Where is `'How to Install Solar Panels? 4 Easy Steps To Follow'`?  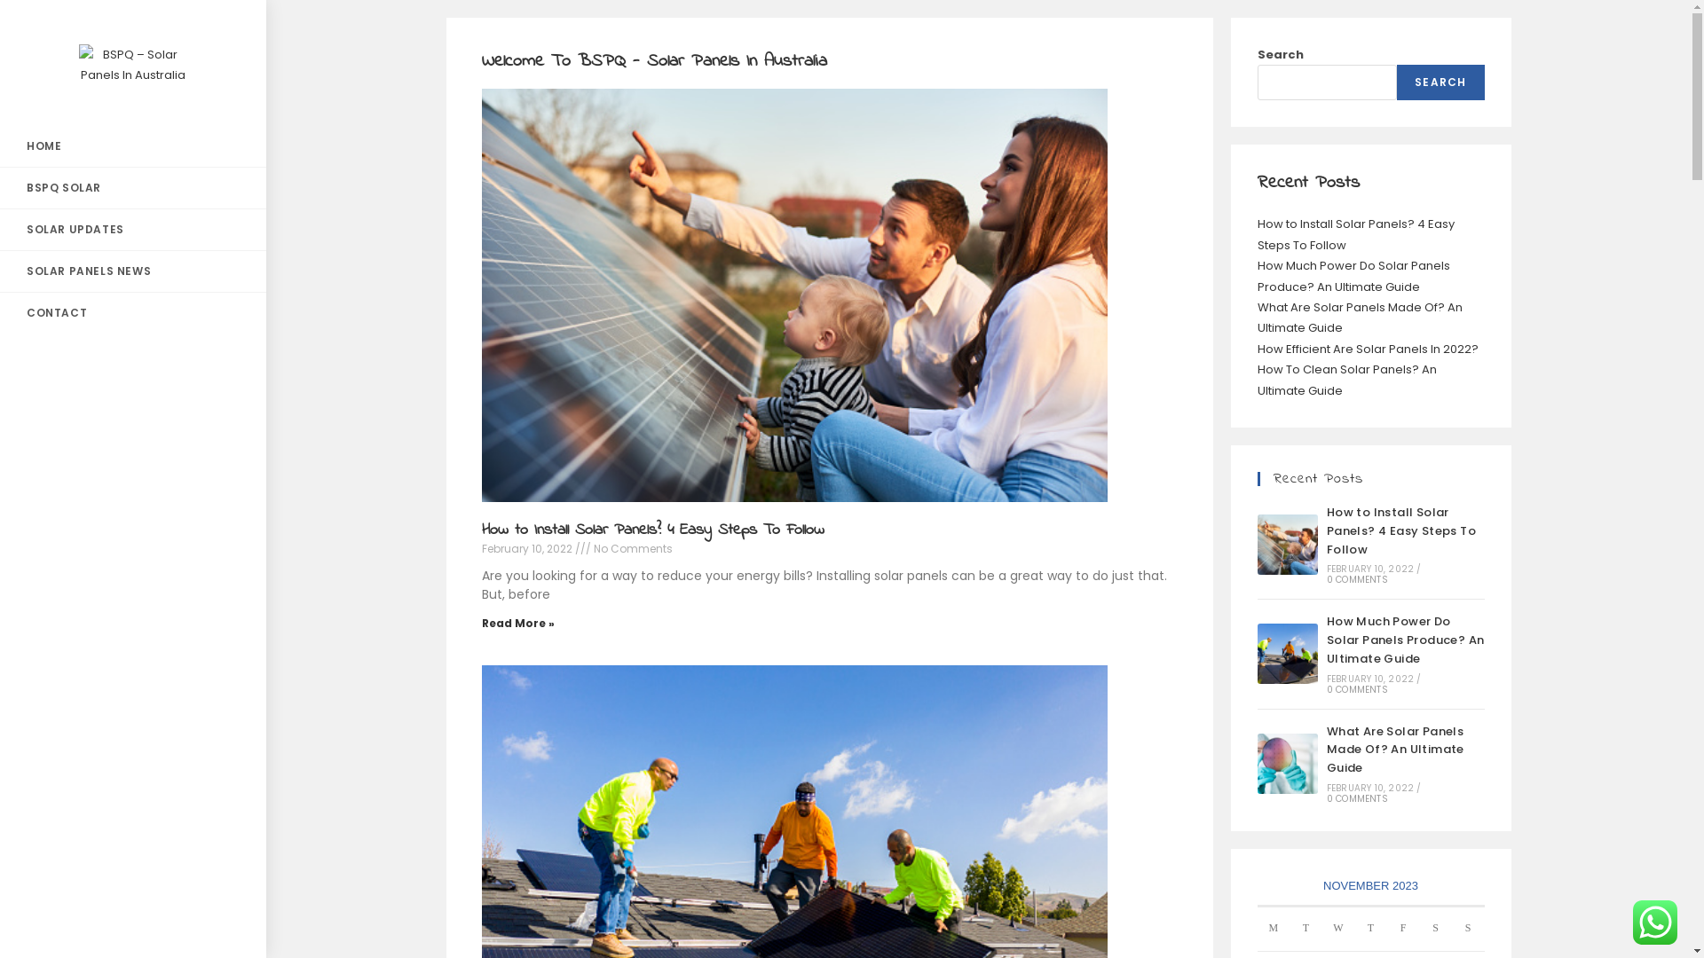 'How to Install Solar Panels? 4 Easy Steps To Follow' is located at coordinates (1256, 232).